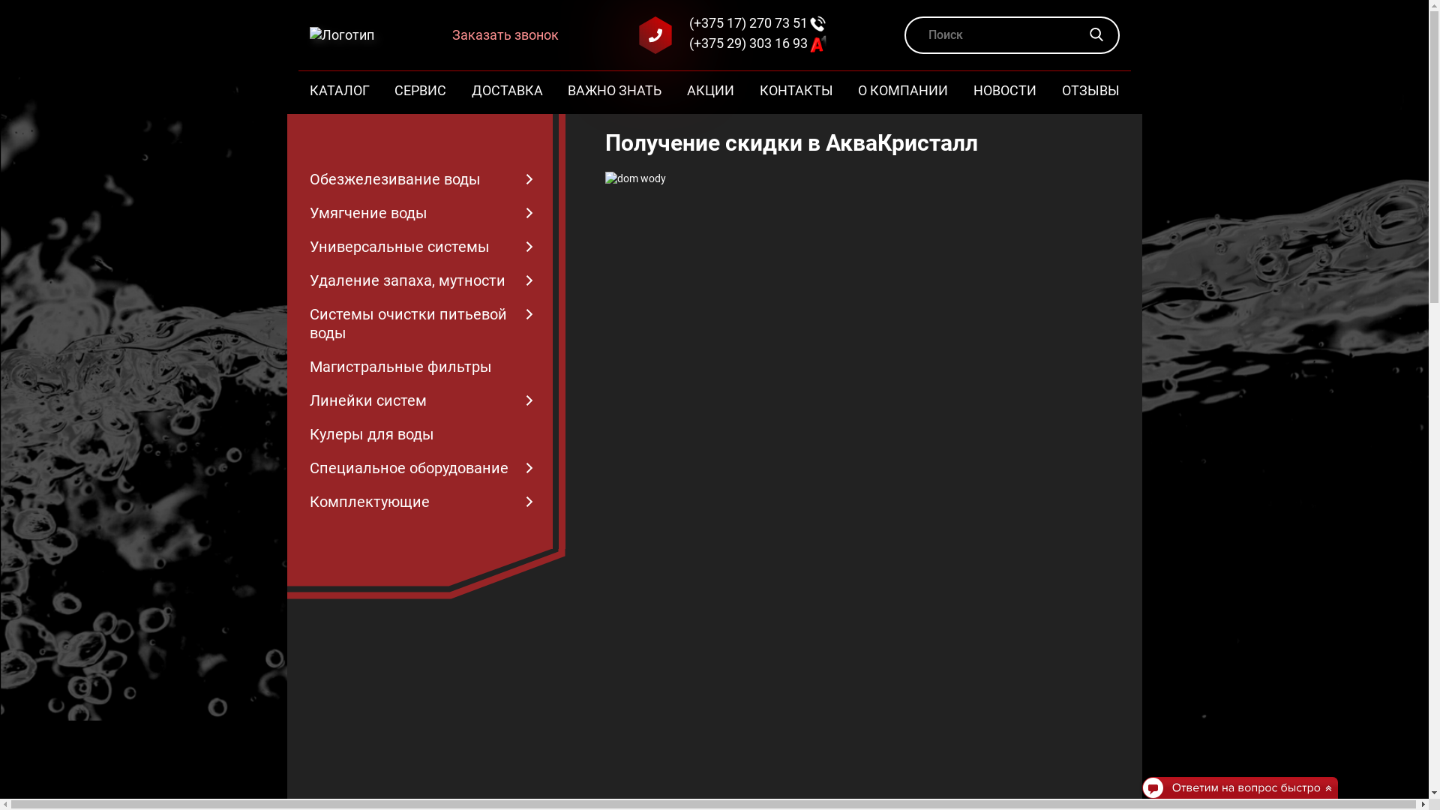 The image size is (1440, 810). Describe the element at coordinates (757, 43) in the screenshot. I see `'(+375 29) 303 16 93'` at that location.